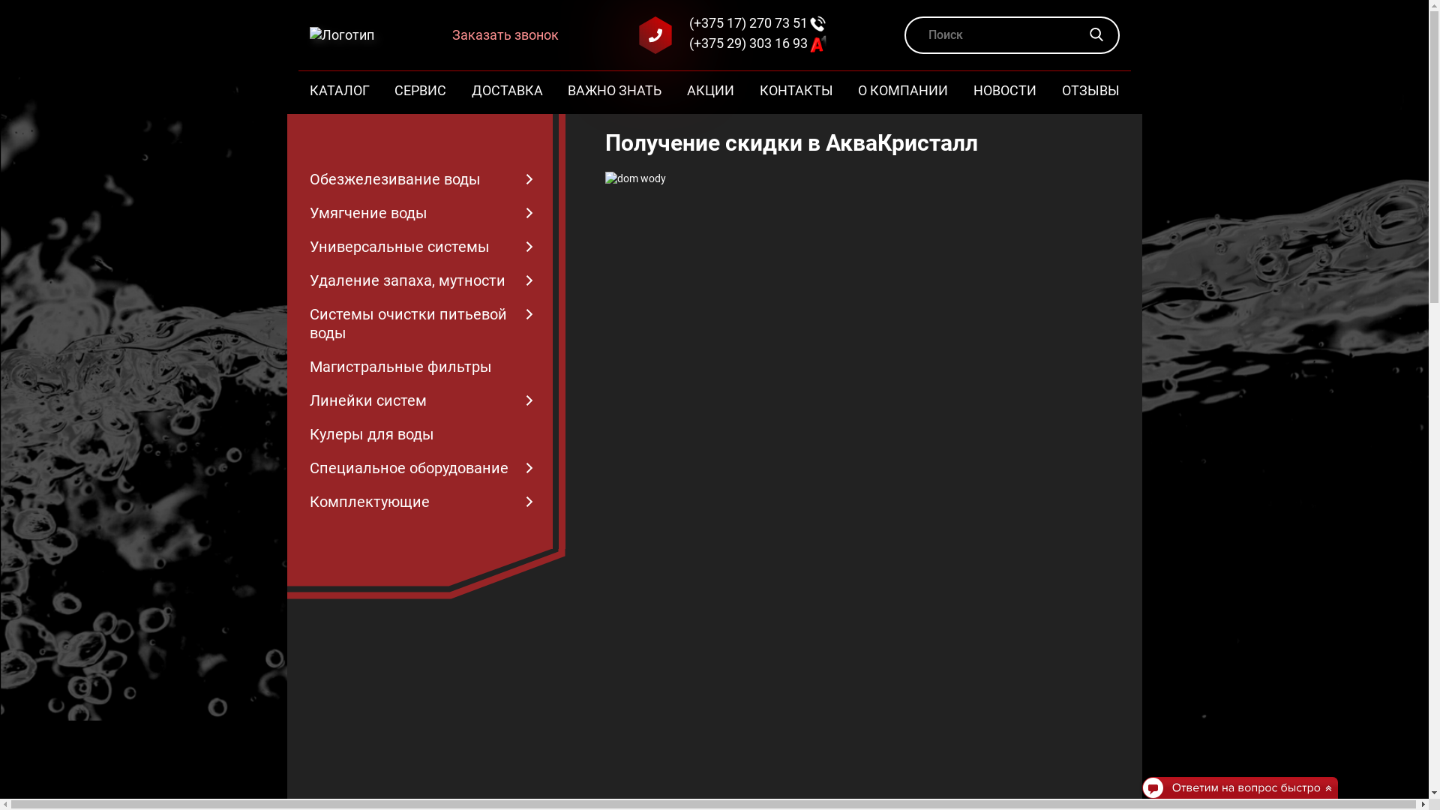 The image size is (1440, 810). Describe the element at coordinates (757, 43) in the screenshot. I see `'(+375 29) 303 16 93'` at that location.